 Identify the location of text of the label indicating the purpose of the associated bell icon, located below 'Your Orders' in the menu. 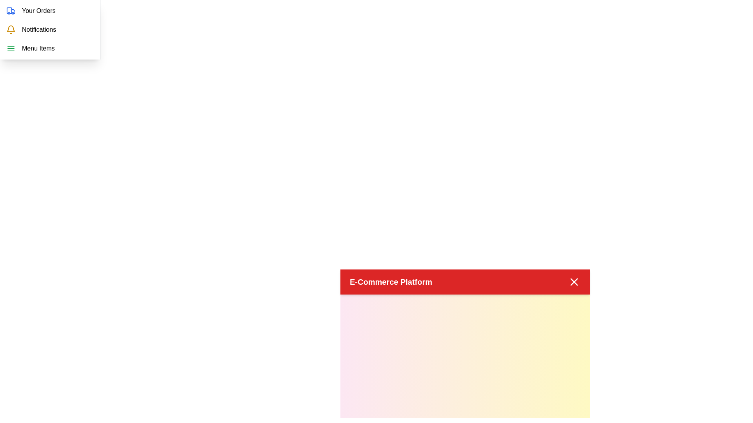
(38, 29).